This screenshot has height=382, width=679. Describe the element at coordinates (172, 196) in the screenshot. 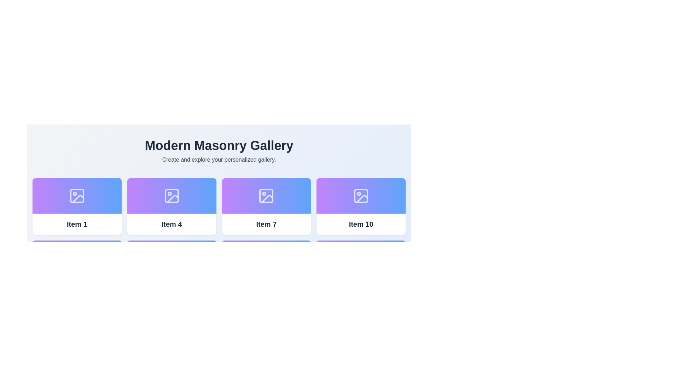

I see `the central icon within the gradient background box that serves as a visual placeholder for graphical content` at that location.